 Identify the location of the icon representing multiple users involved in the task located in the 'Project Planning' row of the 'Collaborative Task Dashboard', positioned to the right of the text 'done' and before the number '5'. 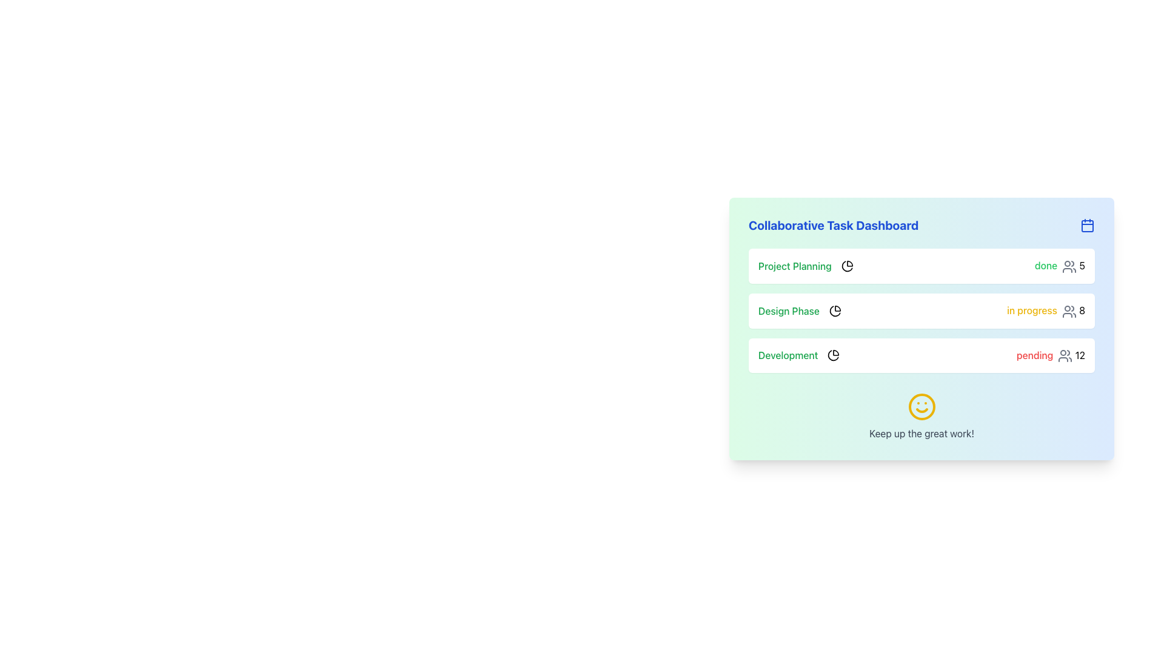
(1069, 266).